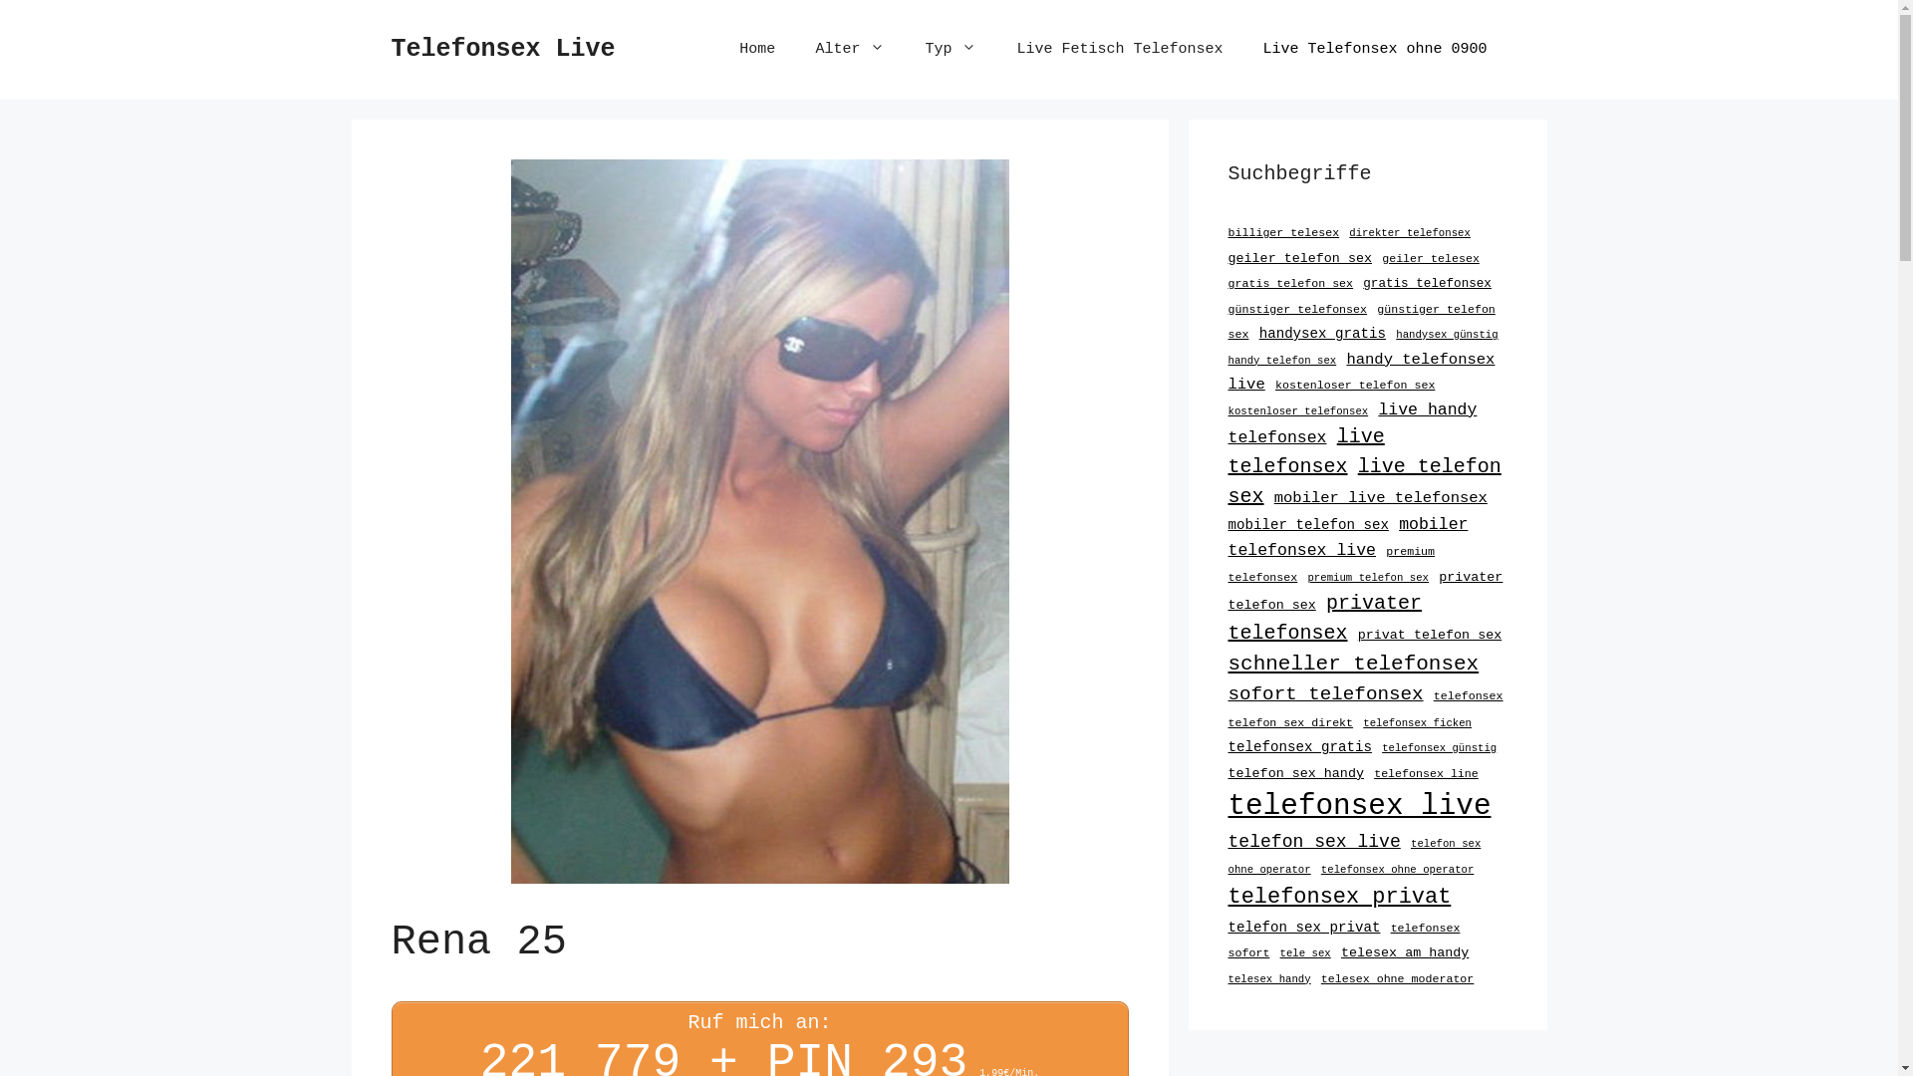  Describe the element at coordinates (1227, 481) in the screenshot. I see `'live telefon sex'` at that location.